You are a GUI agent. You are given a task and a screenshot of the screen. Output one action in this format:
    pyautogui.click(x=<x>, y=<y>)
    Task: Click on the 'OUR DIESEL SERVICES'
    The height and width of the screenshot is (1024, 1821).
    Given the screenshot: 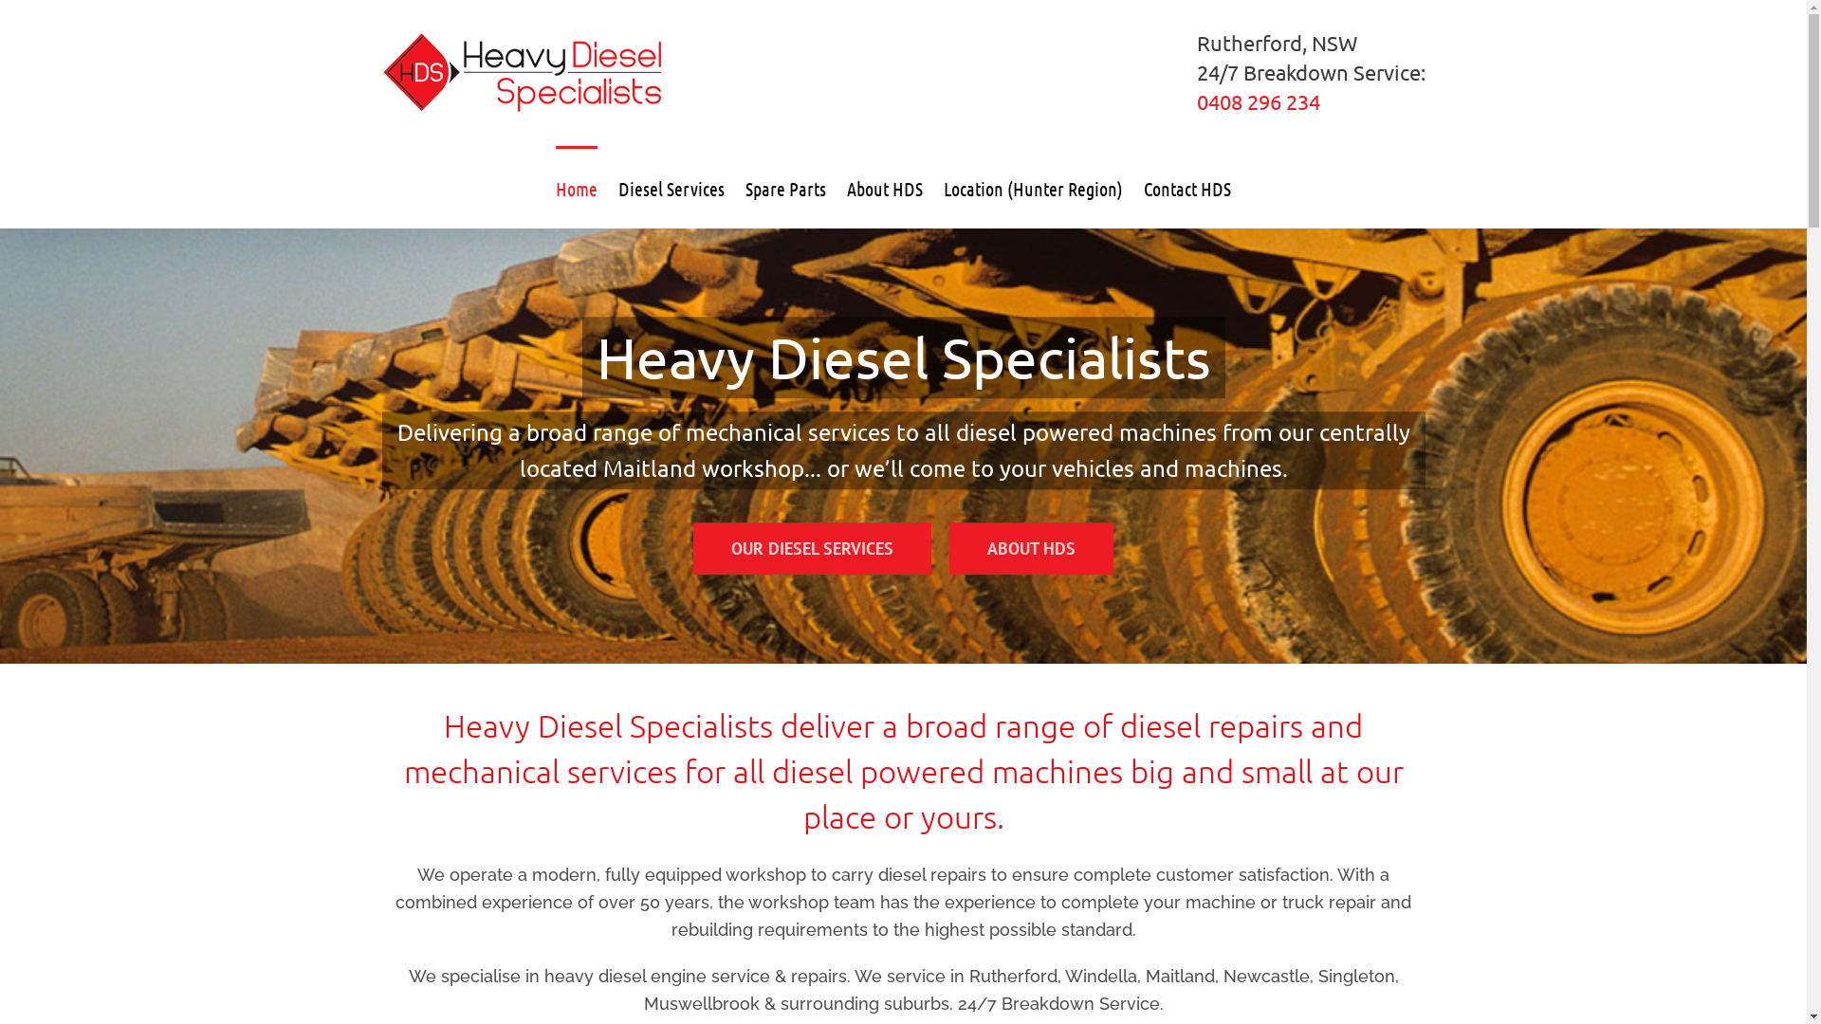 What is the action you would take?
    pyautogui.click(x=812, y=549)
    